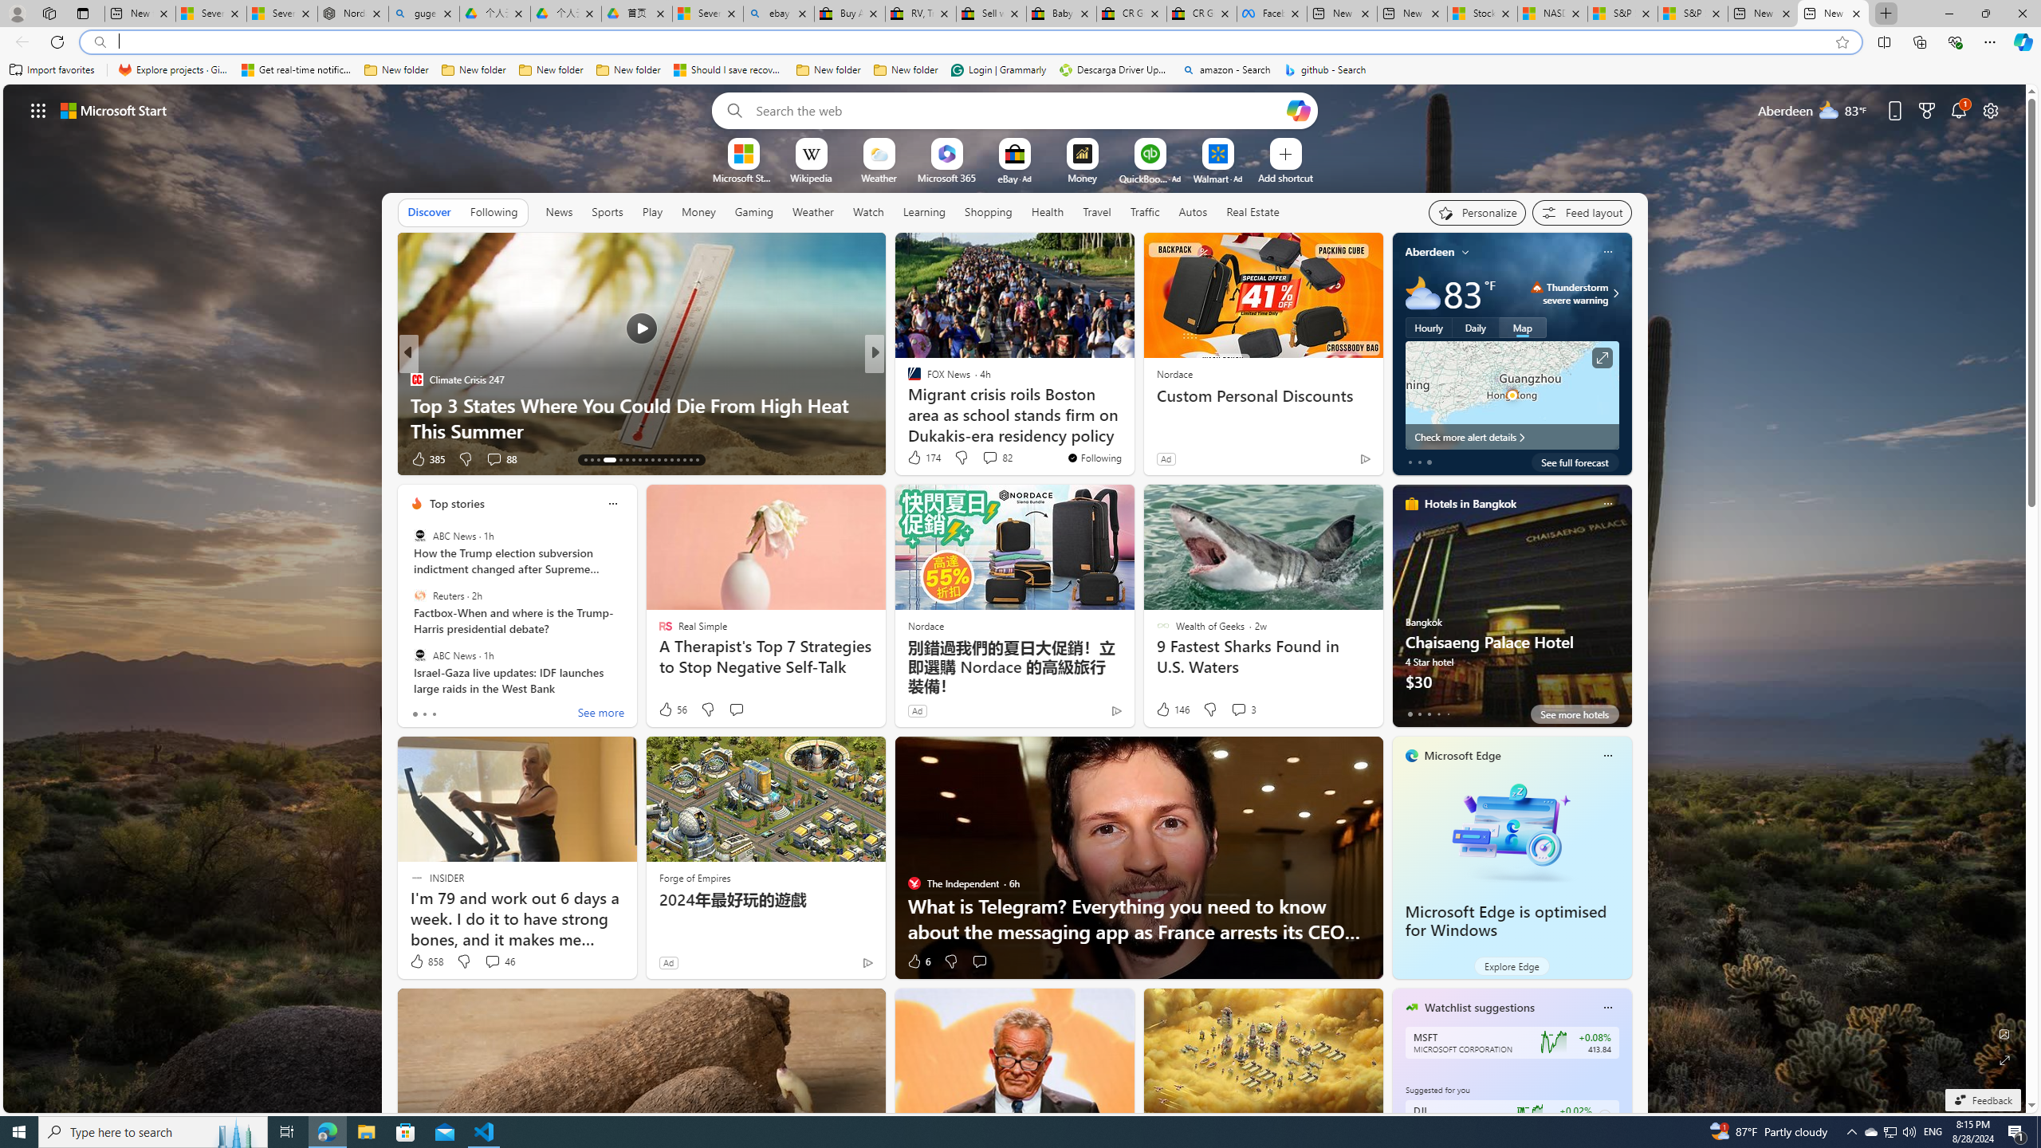 This screenshot has width=2041, height=1148. Describe the element at coordinates (1959, 109) in the screenshot. I see `'Notifications'` at that location.